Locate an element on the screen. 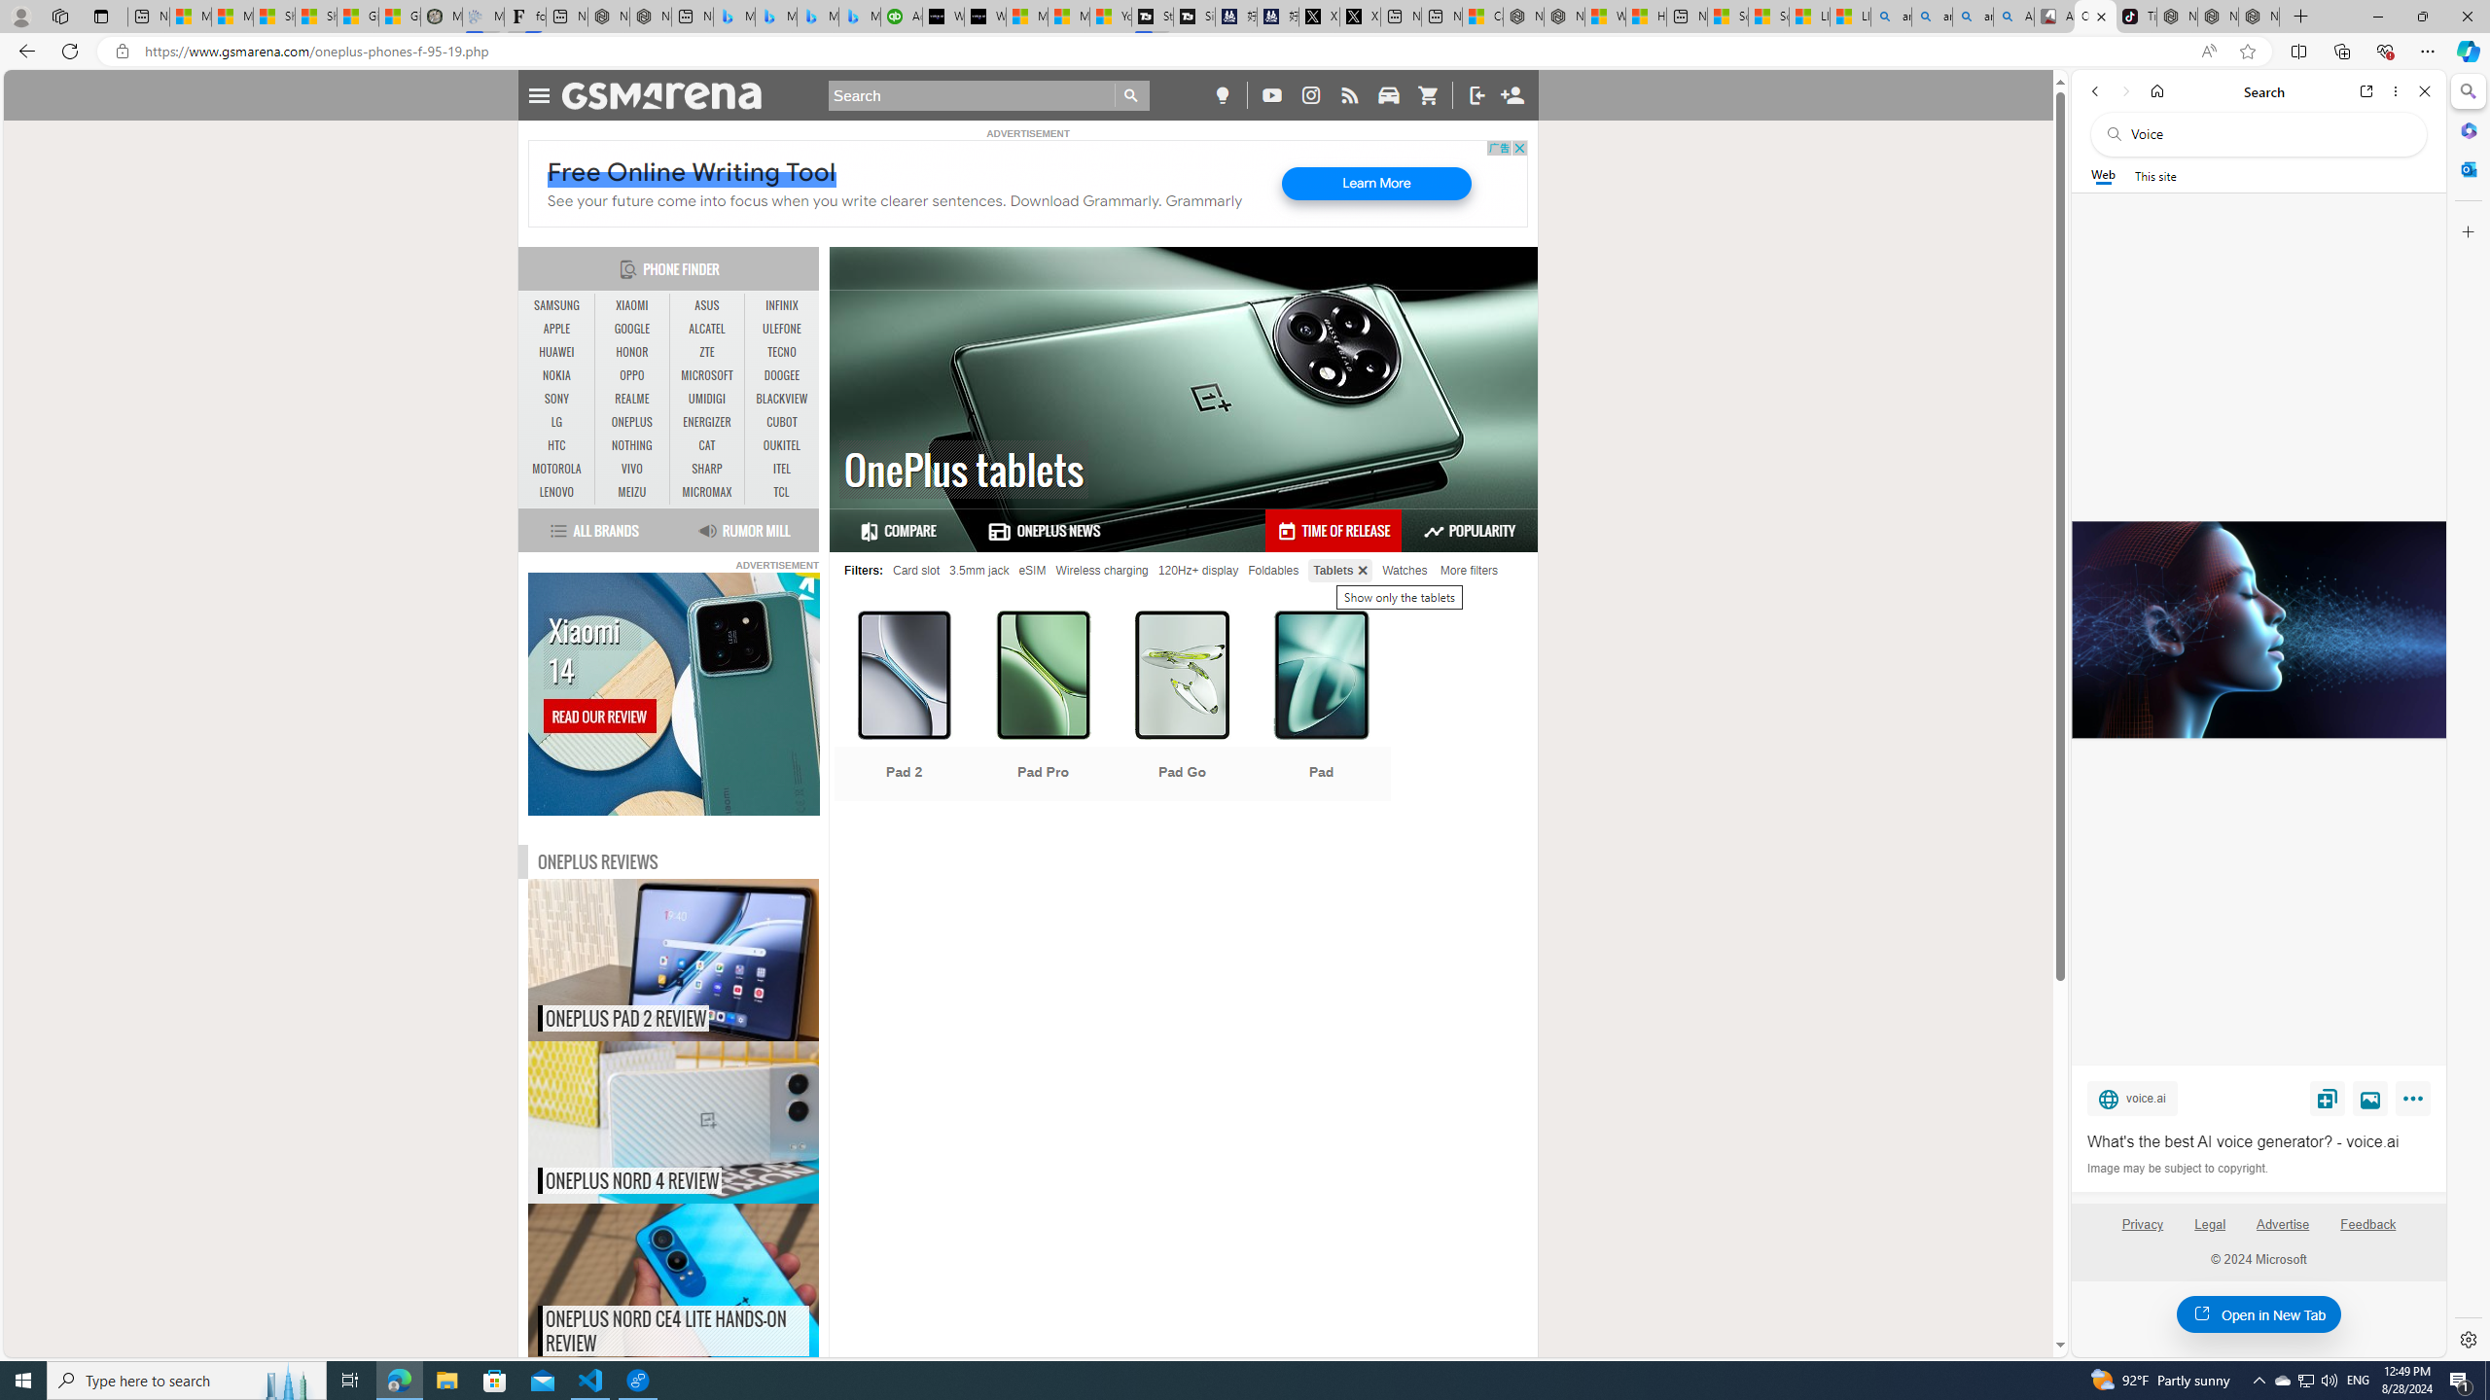 The width and height of the screenshot is (2490, 1400). 'GOOGLE' is located at coordinates (631, 328).